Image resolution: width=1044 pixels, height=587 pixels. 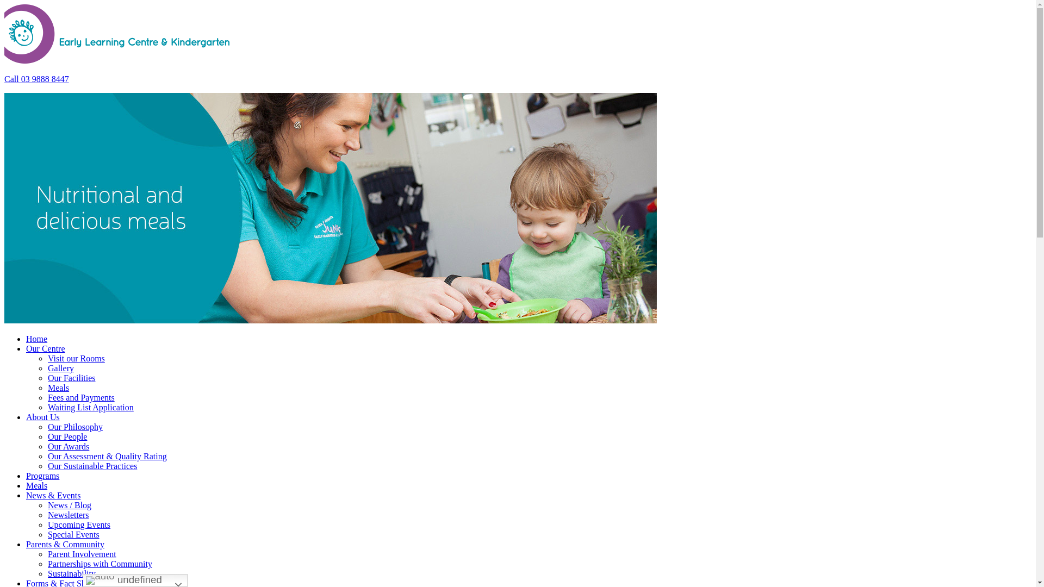 What do you see at coordinates (76, 358) in the screenshot?
I see `'Visit our Rooms'` at bounding box center [76, 358].